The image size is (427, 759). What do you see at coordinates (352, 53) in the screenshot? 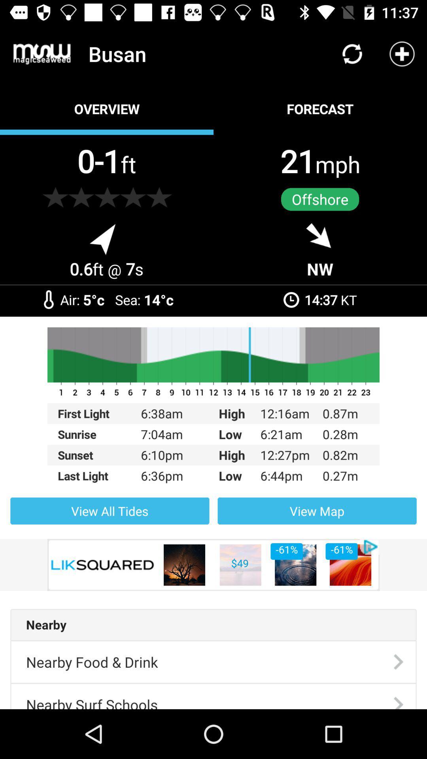
I see `icon above forecast icon` at bounding box center [352, 53].